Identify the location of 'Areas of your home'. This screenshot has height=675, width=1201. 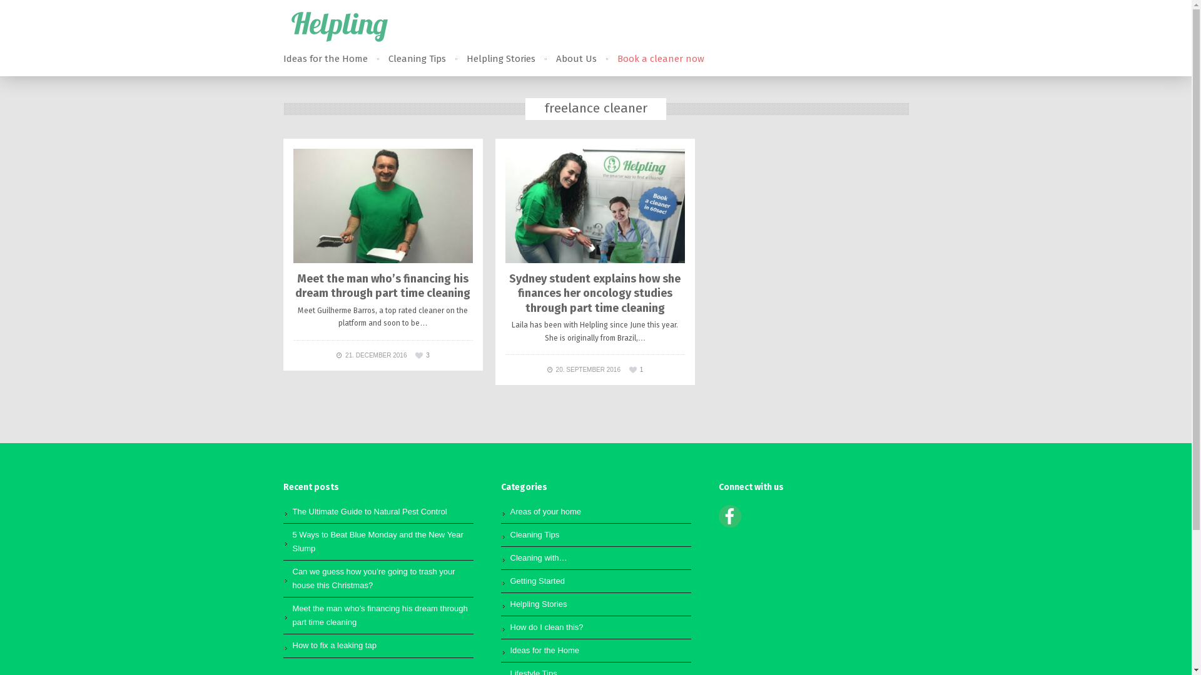
(510, 511).